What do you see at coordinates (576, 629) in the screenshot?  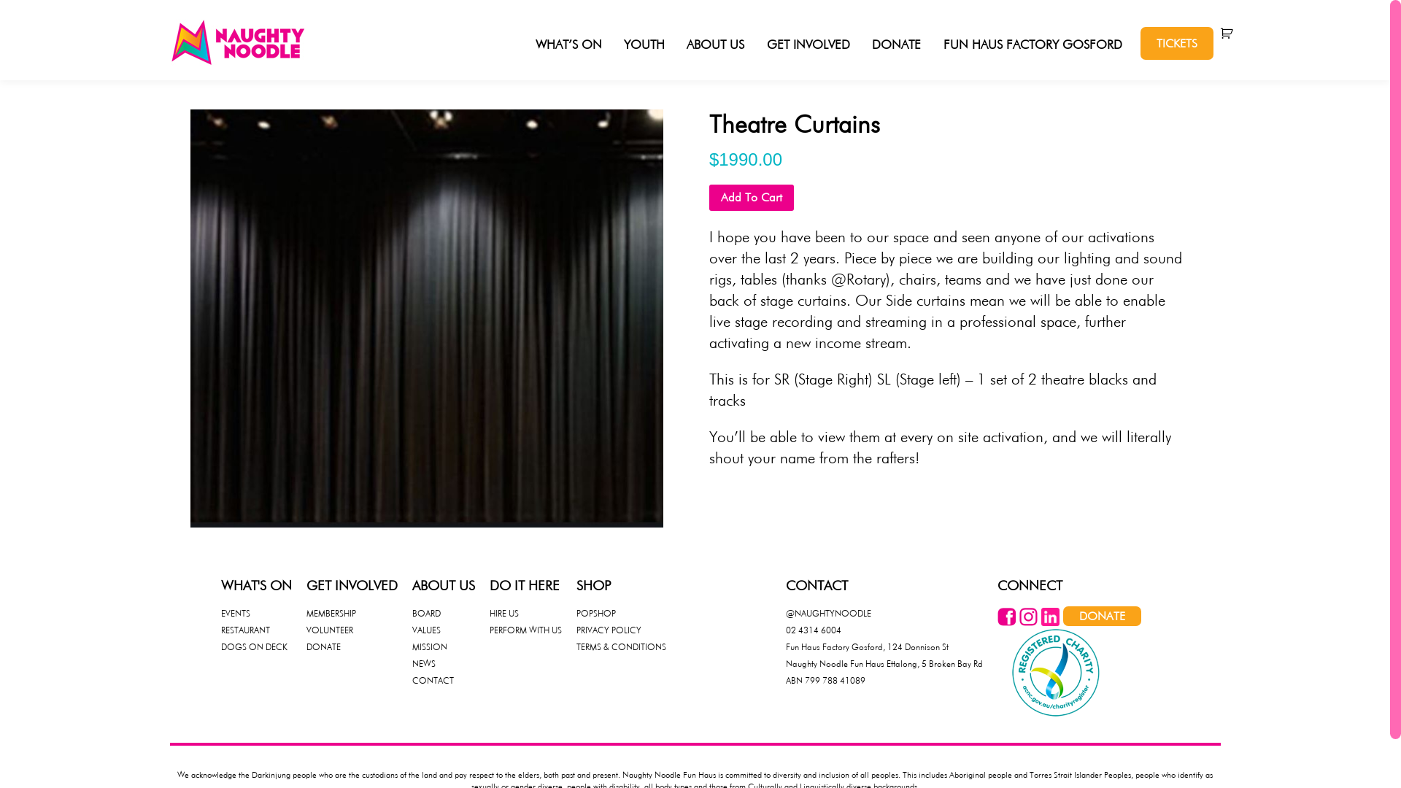 I see `'PRIVACY POLICY'` at bounding box center [576, 629].